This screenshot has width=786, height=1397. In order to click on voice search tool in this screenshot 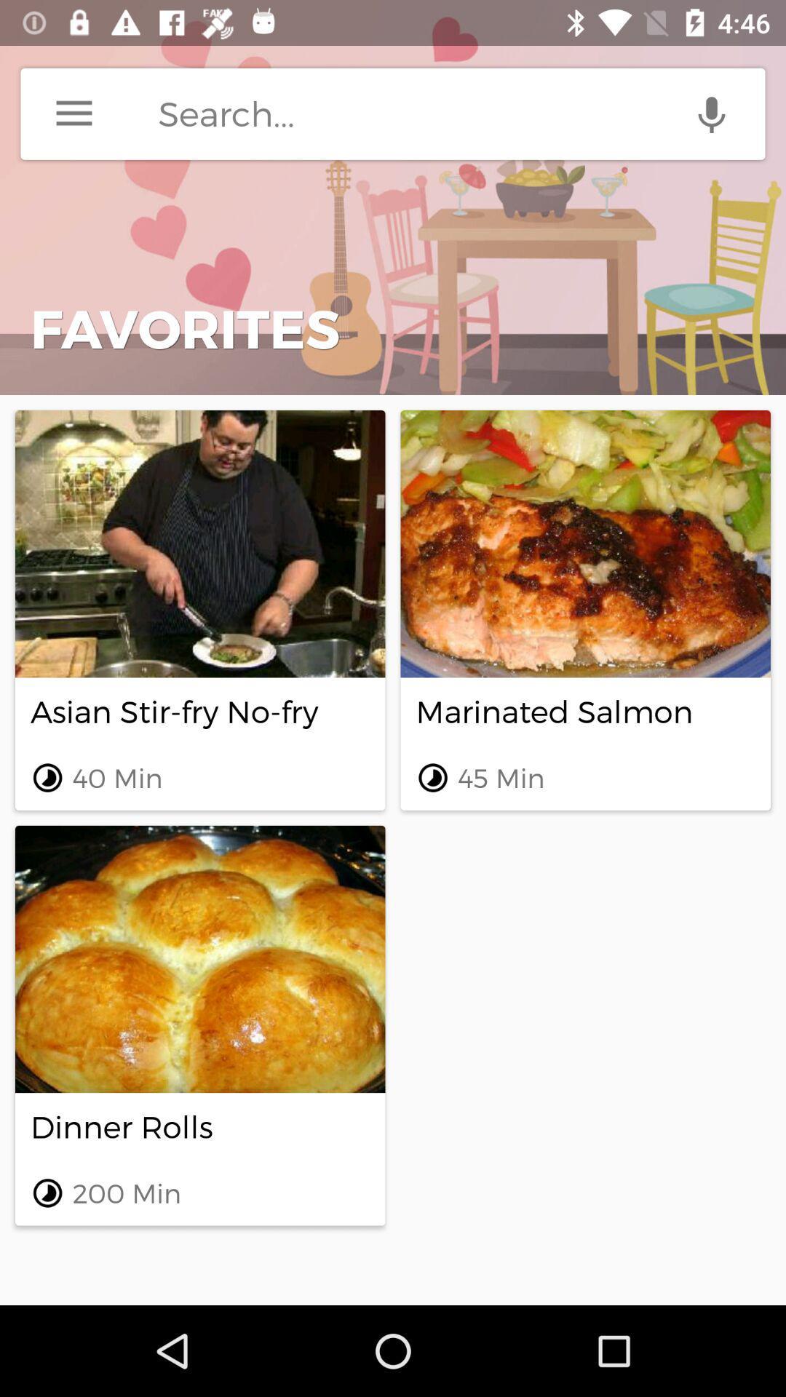, I will do `click(711, 113)`.